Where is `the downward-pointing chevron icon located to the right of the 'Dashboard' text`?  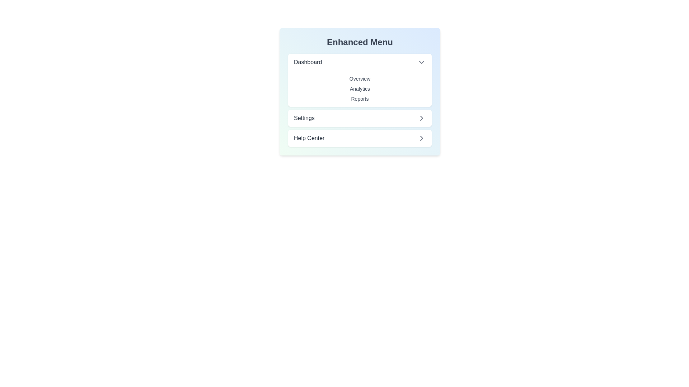 the downward-pointing chevron icon located to the right of the 'Dashboard' text is located at coordinates (422, 62).